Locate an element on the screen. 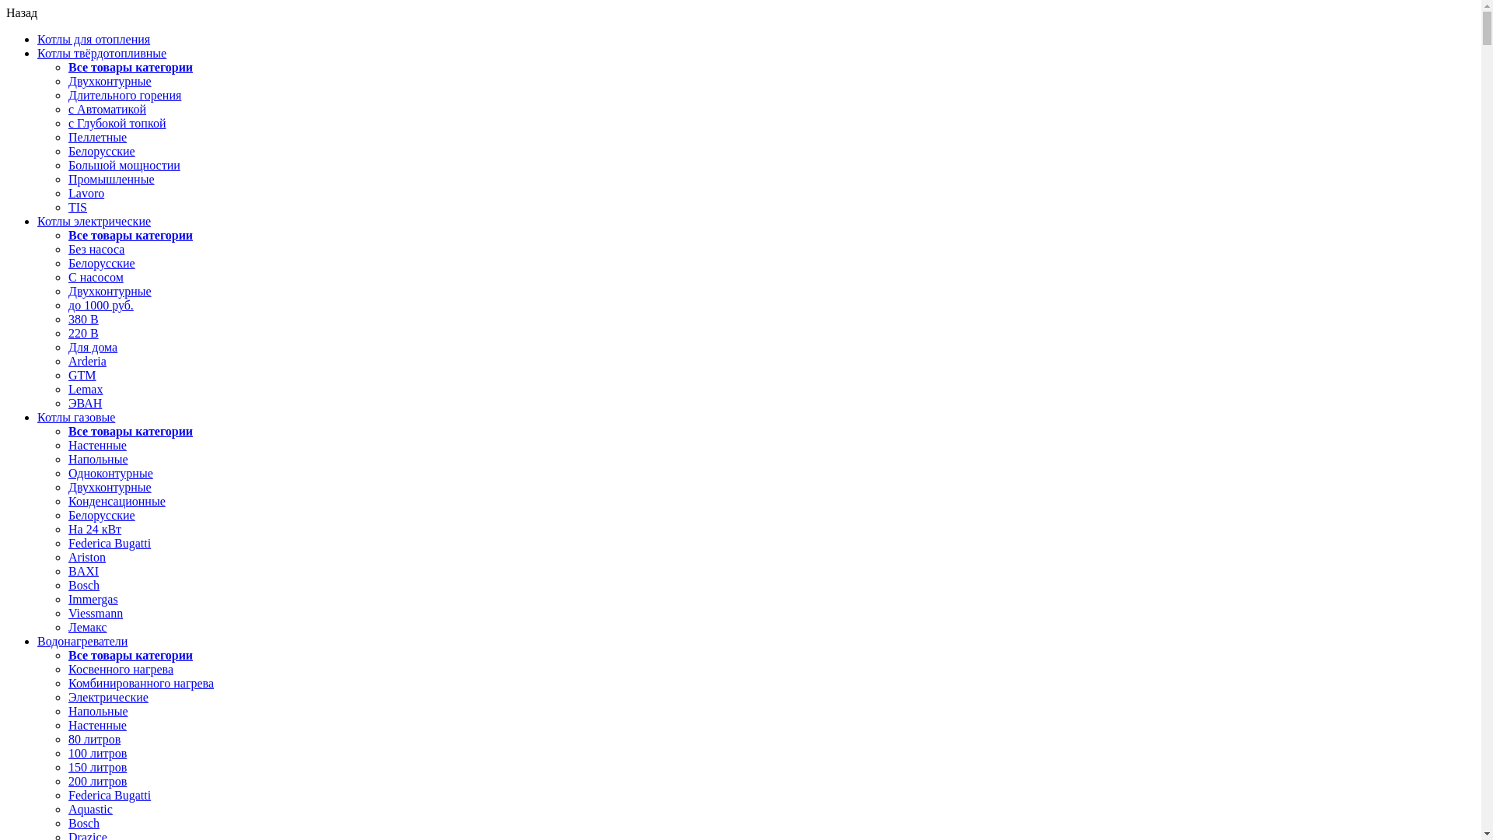  'Ariston' is located at coordinates (67, 556).